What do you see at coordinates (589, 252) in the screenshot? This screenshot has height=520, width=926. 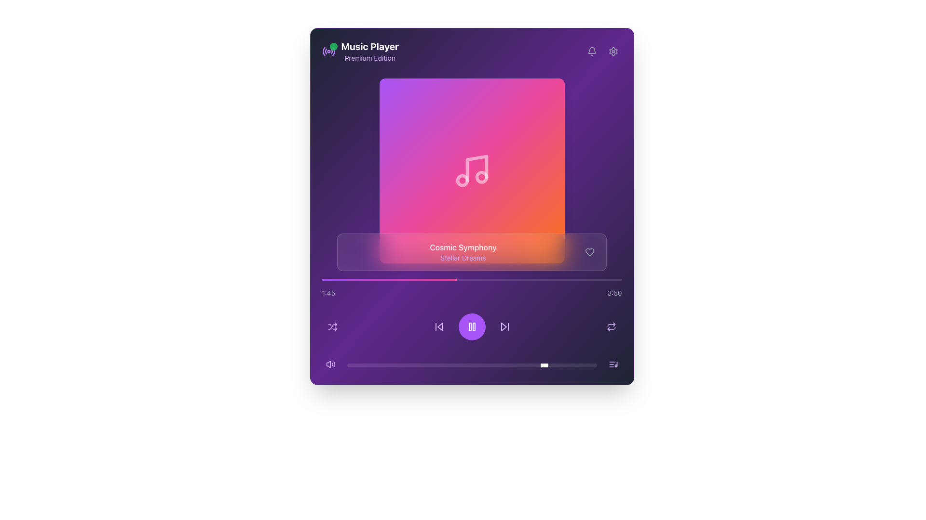 I see `the hollow heart-shaped icon button located at the bottom-right of the main interface to like the song` at bounding box center [589, 252].